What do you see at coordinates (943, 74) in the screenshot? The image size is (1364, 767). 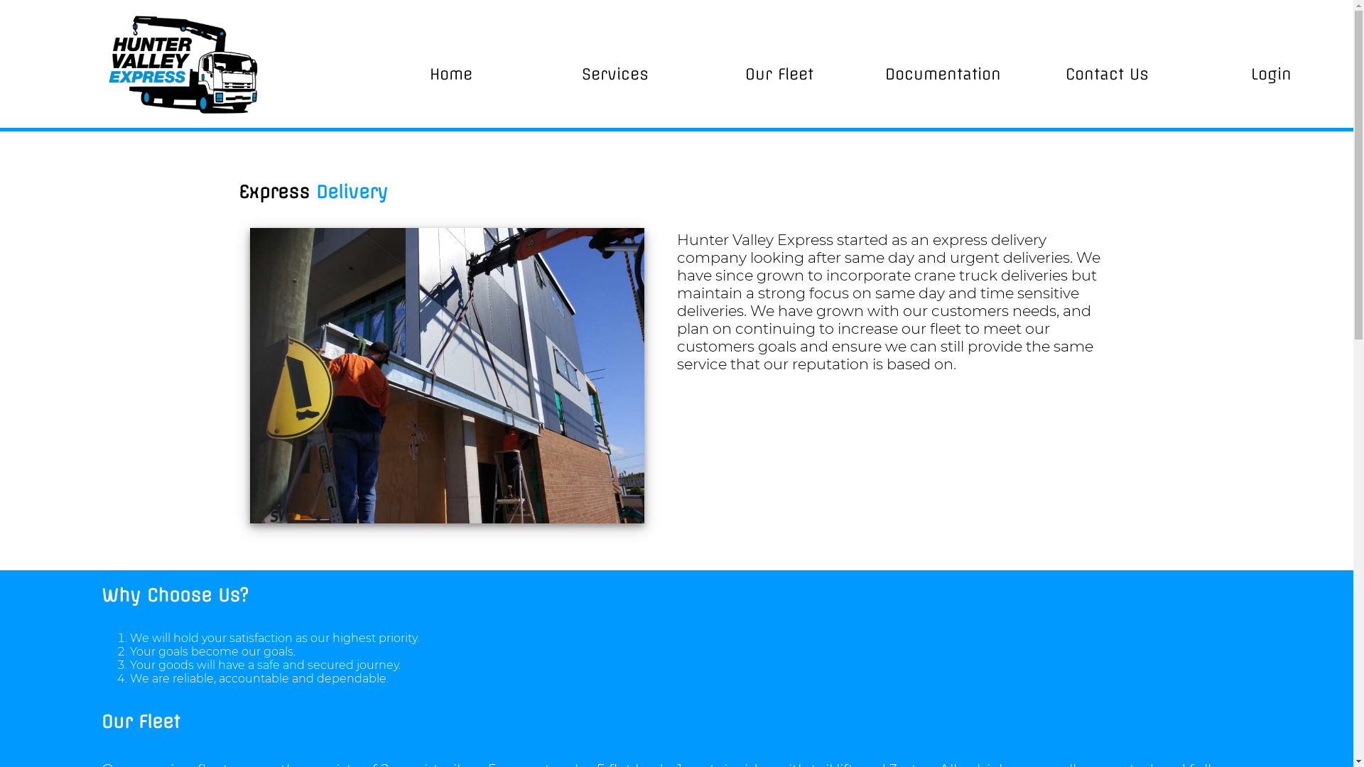 I see `'Documentation'` at bounding box center [943, 74].